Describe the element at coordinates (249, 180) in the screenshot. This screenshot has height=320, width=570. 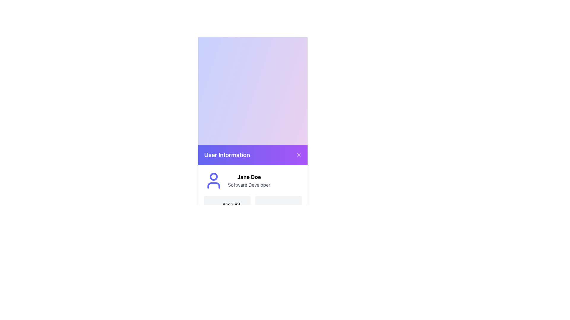
I see `user identification information displayed in the Text Display element located in the 'User Information' section, which shows 'Jane Doe' and 'Software Developer'` at that location.